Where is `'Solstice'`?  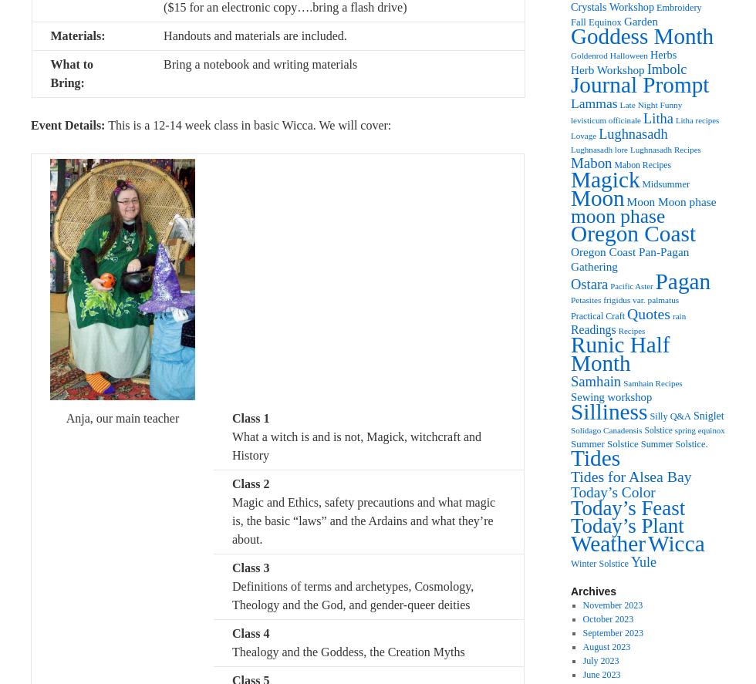 'Solstice' is located at coordinates (657, 430).